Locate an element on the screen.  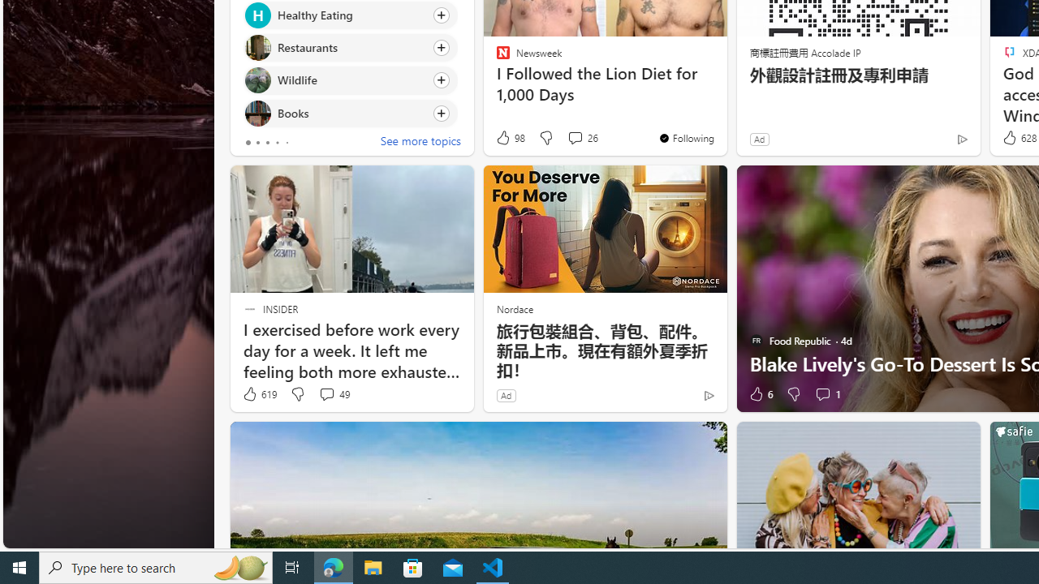
'View comments 49 Comment' is located at coordinates (325, 394).